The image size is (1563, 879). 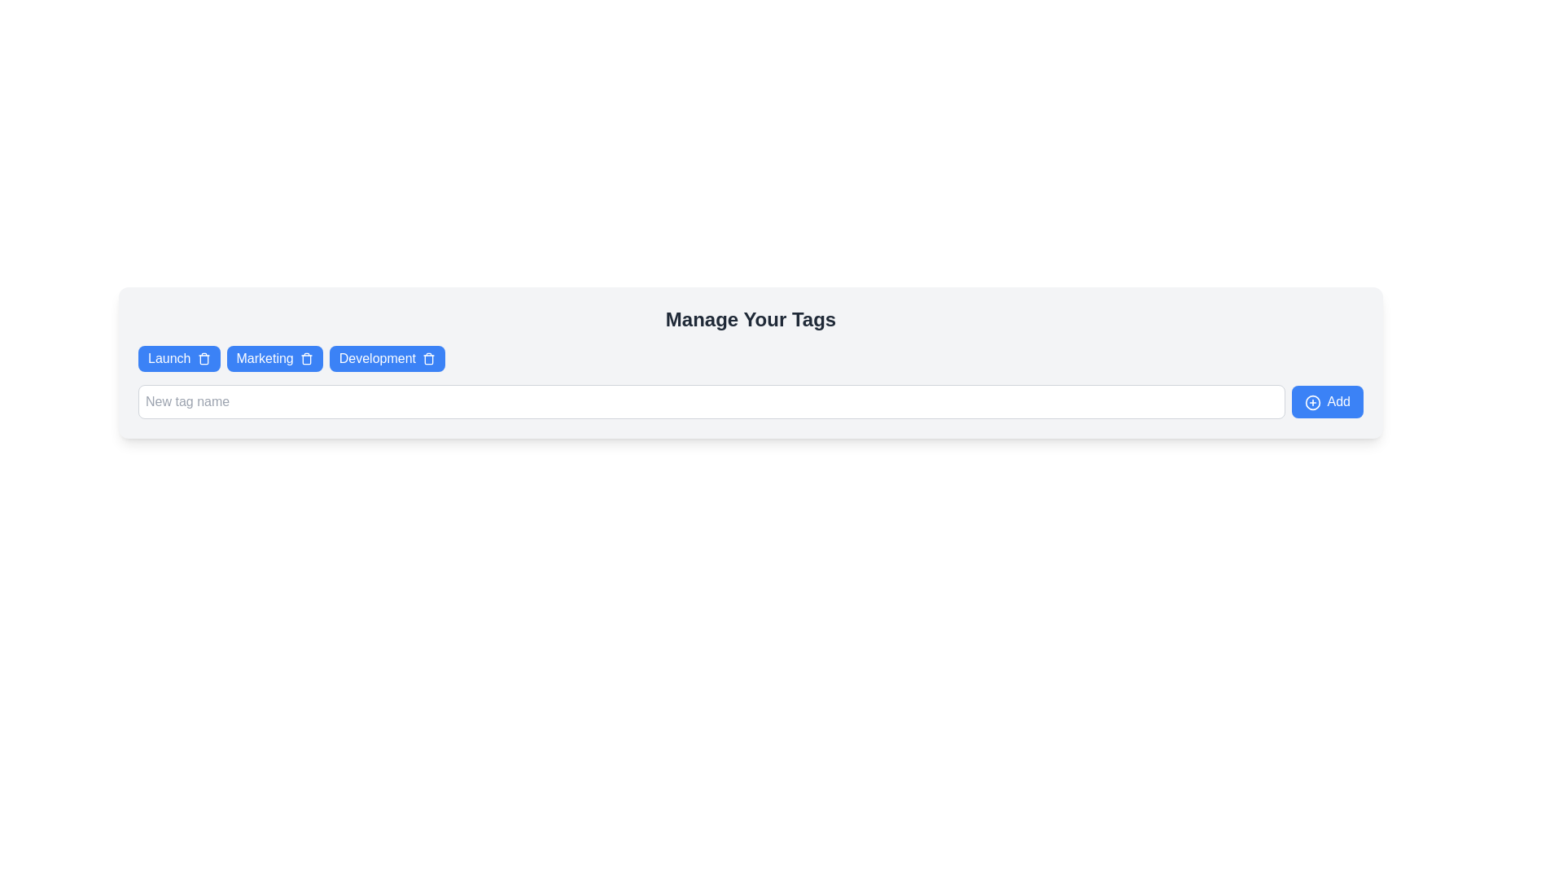 What do you see at coordinates (306, 357) in the screenshot?
I see `the delete button, represented by a trash bin icon with a blue background and white border, located to the right of the 'Marketing' tag` at bounding box center [306, 357].